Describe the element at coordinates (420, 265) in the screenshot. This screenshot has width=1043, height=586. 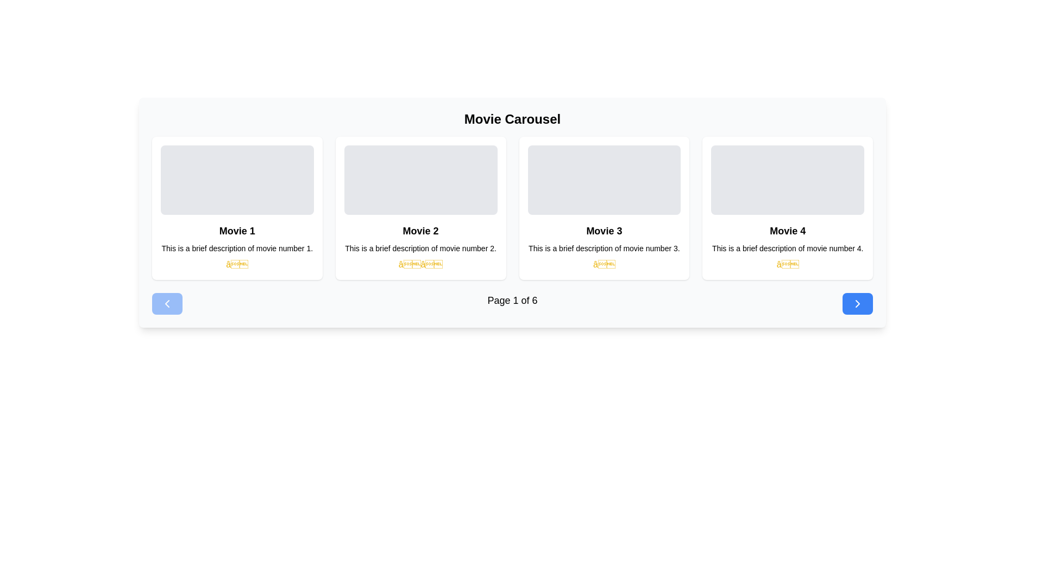
I see `the static rating display element consisting of two yellow star-shaped icons located beneath the brief description text of 'Movie 2'` at that location.